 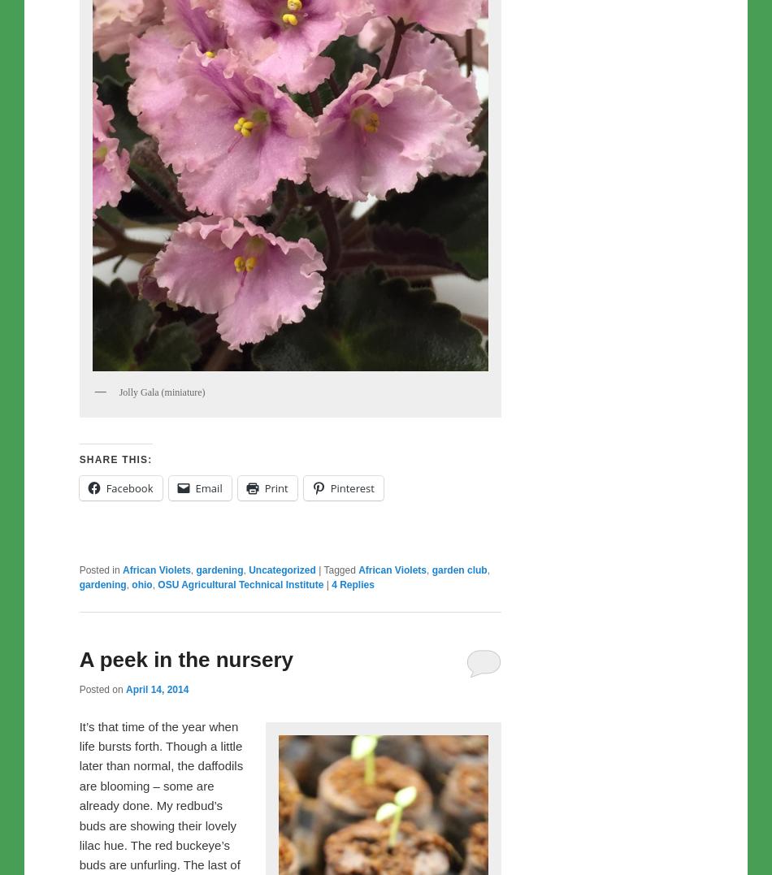 I want to click on 'ohio', so click(x=141, y=584).